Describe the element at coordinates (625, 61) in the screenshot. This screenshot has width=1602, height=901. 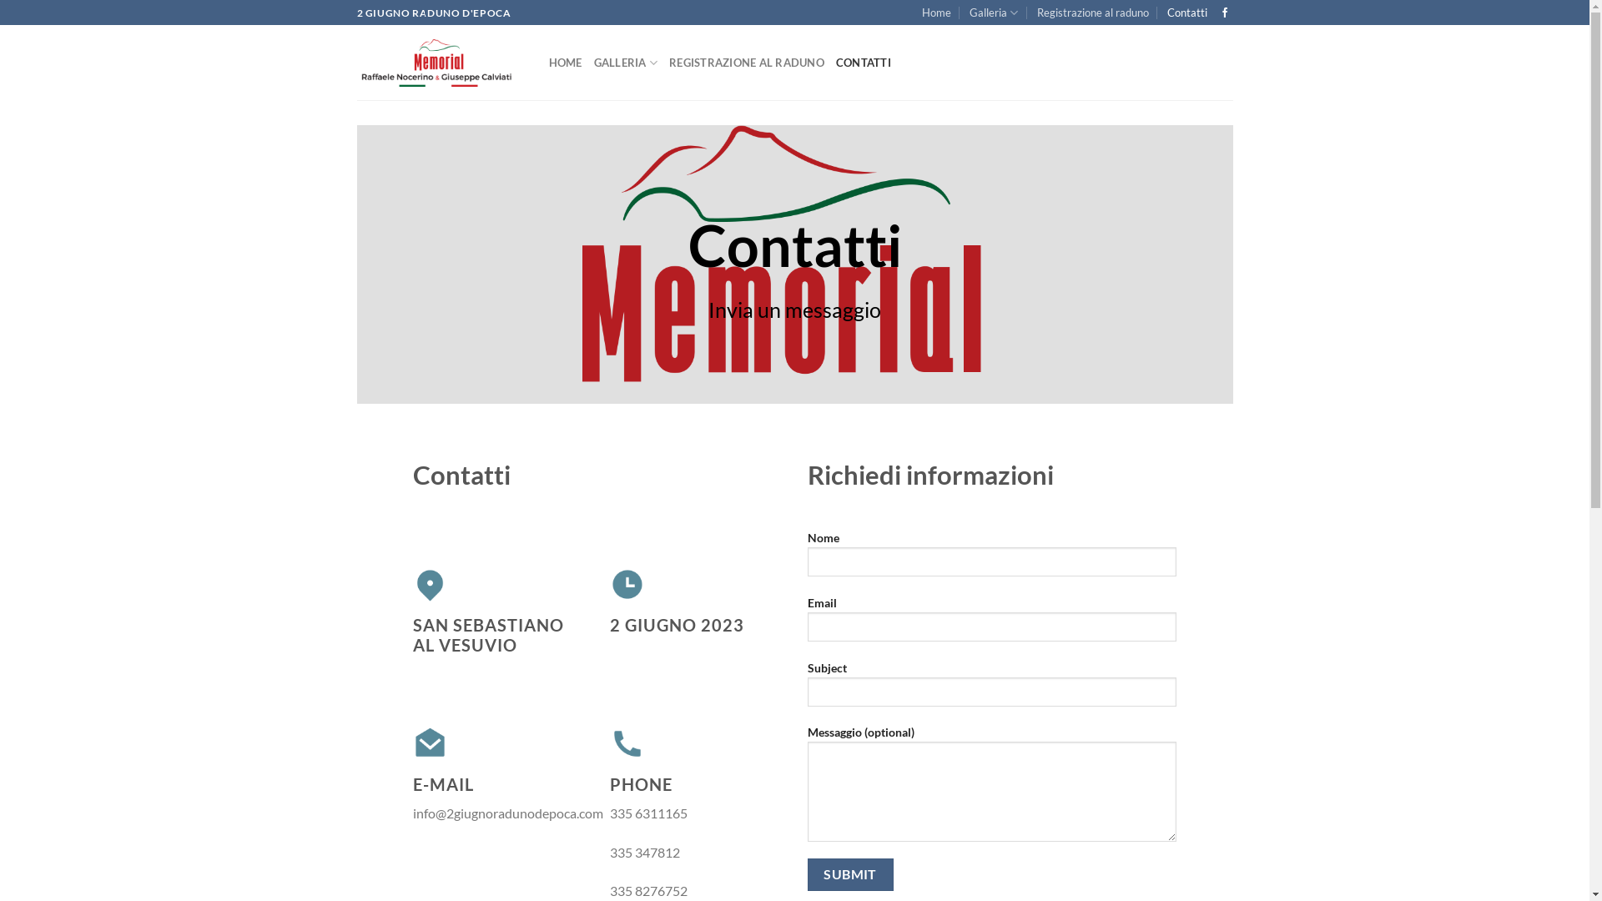
I see `'GALLERIA'` at that location.